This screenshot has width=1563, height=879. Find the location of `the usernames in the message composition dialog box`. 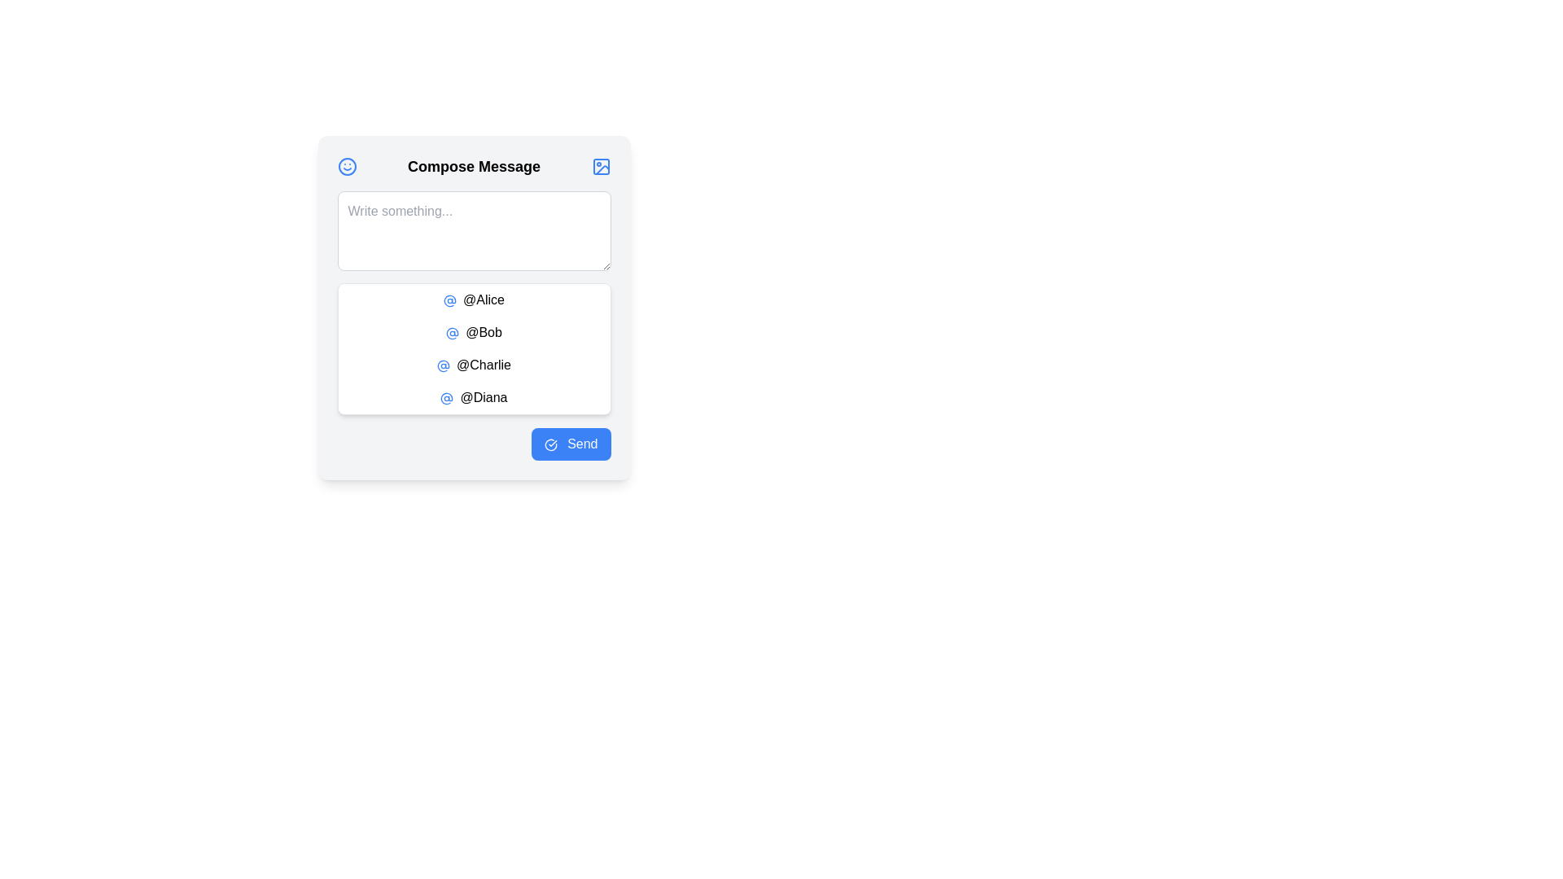

the usernames in the message composition dialog box is located at coordinates (473, 308).